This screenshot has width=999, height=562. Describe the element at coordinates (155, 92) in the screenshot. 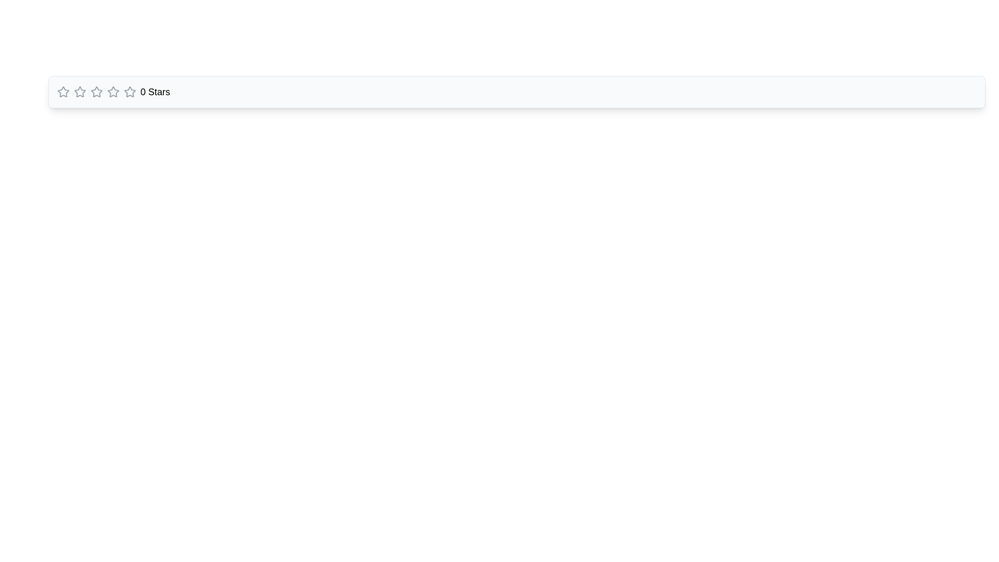

I see `value of the text label indicating the current rating, which shows '0 Stars'` at that location.